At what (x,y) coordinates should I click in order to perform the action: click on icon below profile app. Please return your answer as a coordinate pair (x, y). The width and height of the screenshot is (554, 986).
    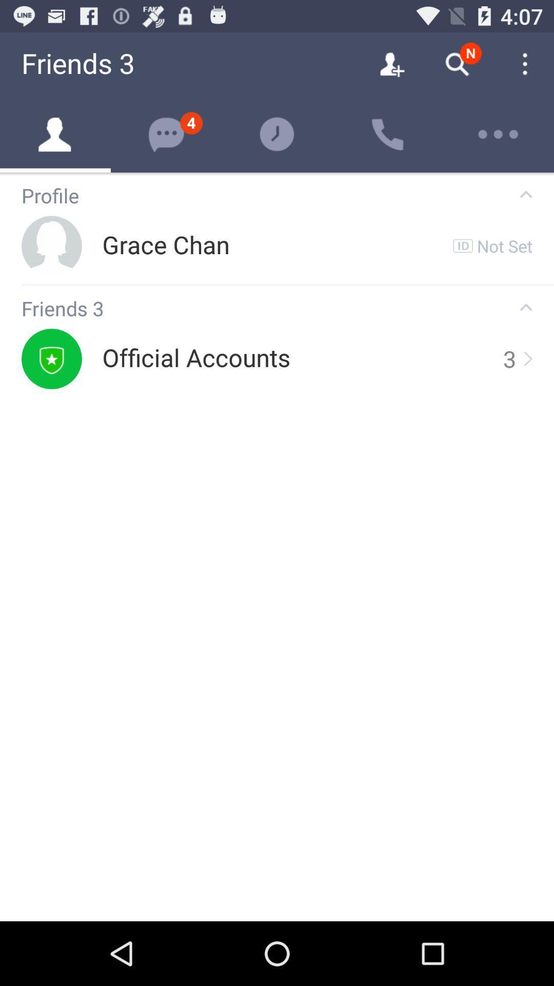
    Looking at the image, I should click on (165, 245).